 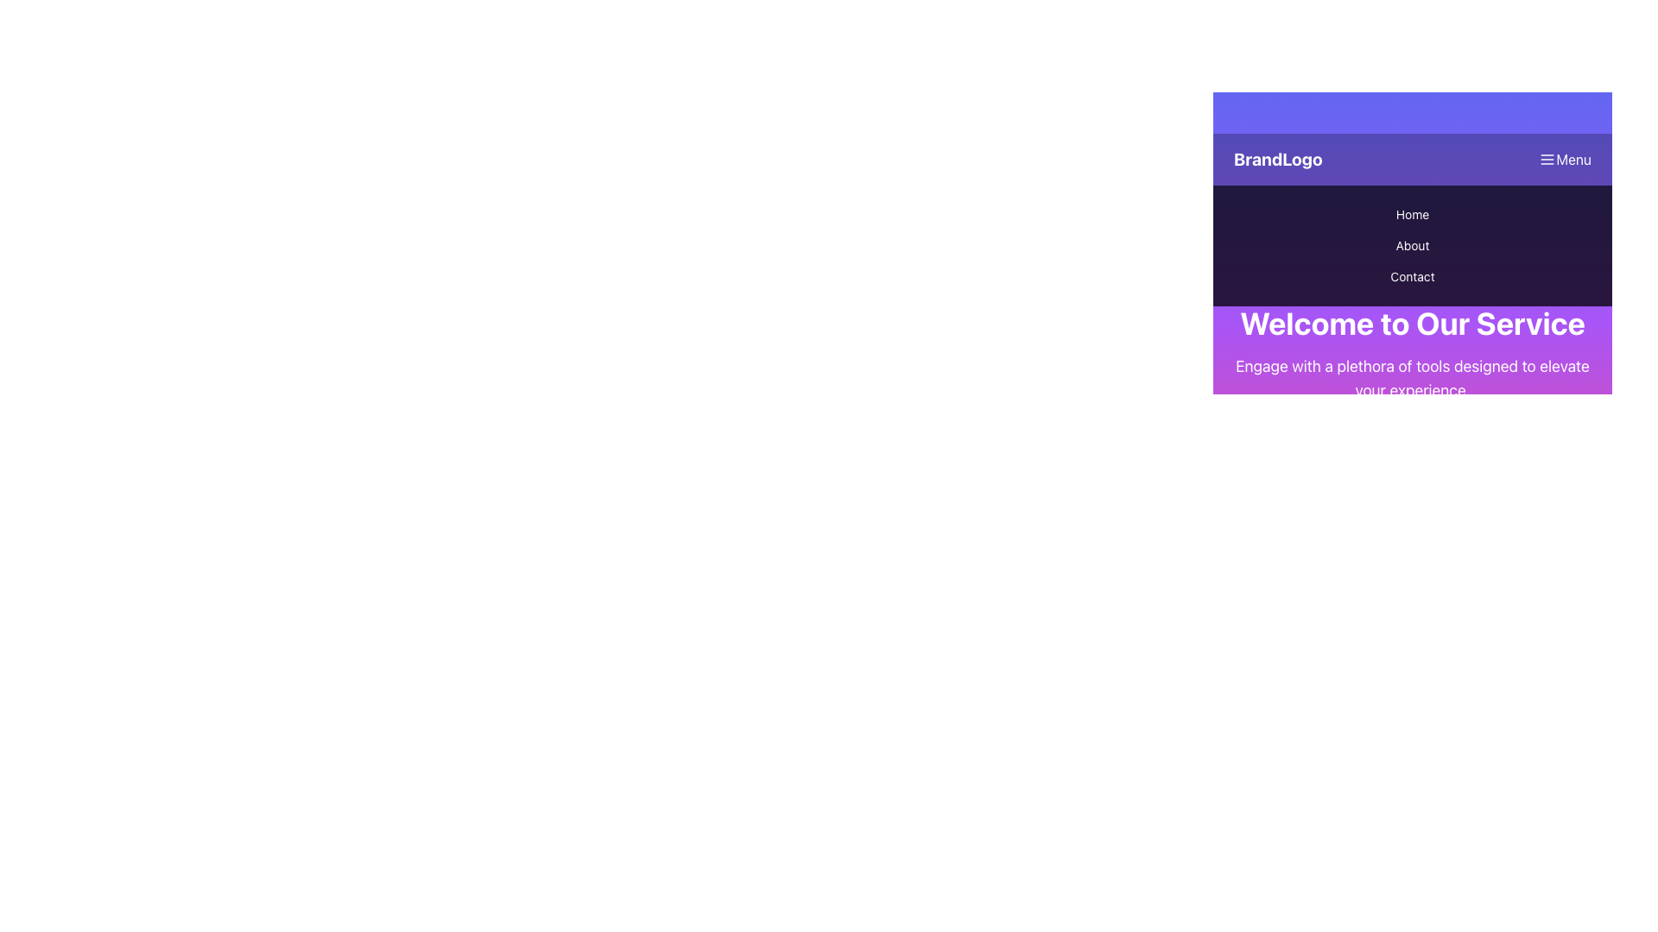 What do you see at coordinates (1413, 246) in the screenshot?
I see `the 'About' text link, which is styled with a small font size and changes color on hover` at bounding box center [1413, 246].